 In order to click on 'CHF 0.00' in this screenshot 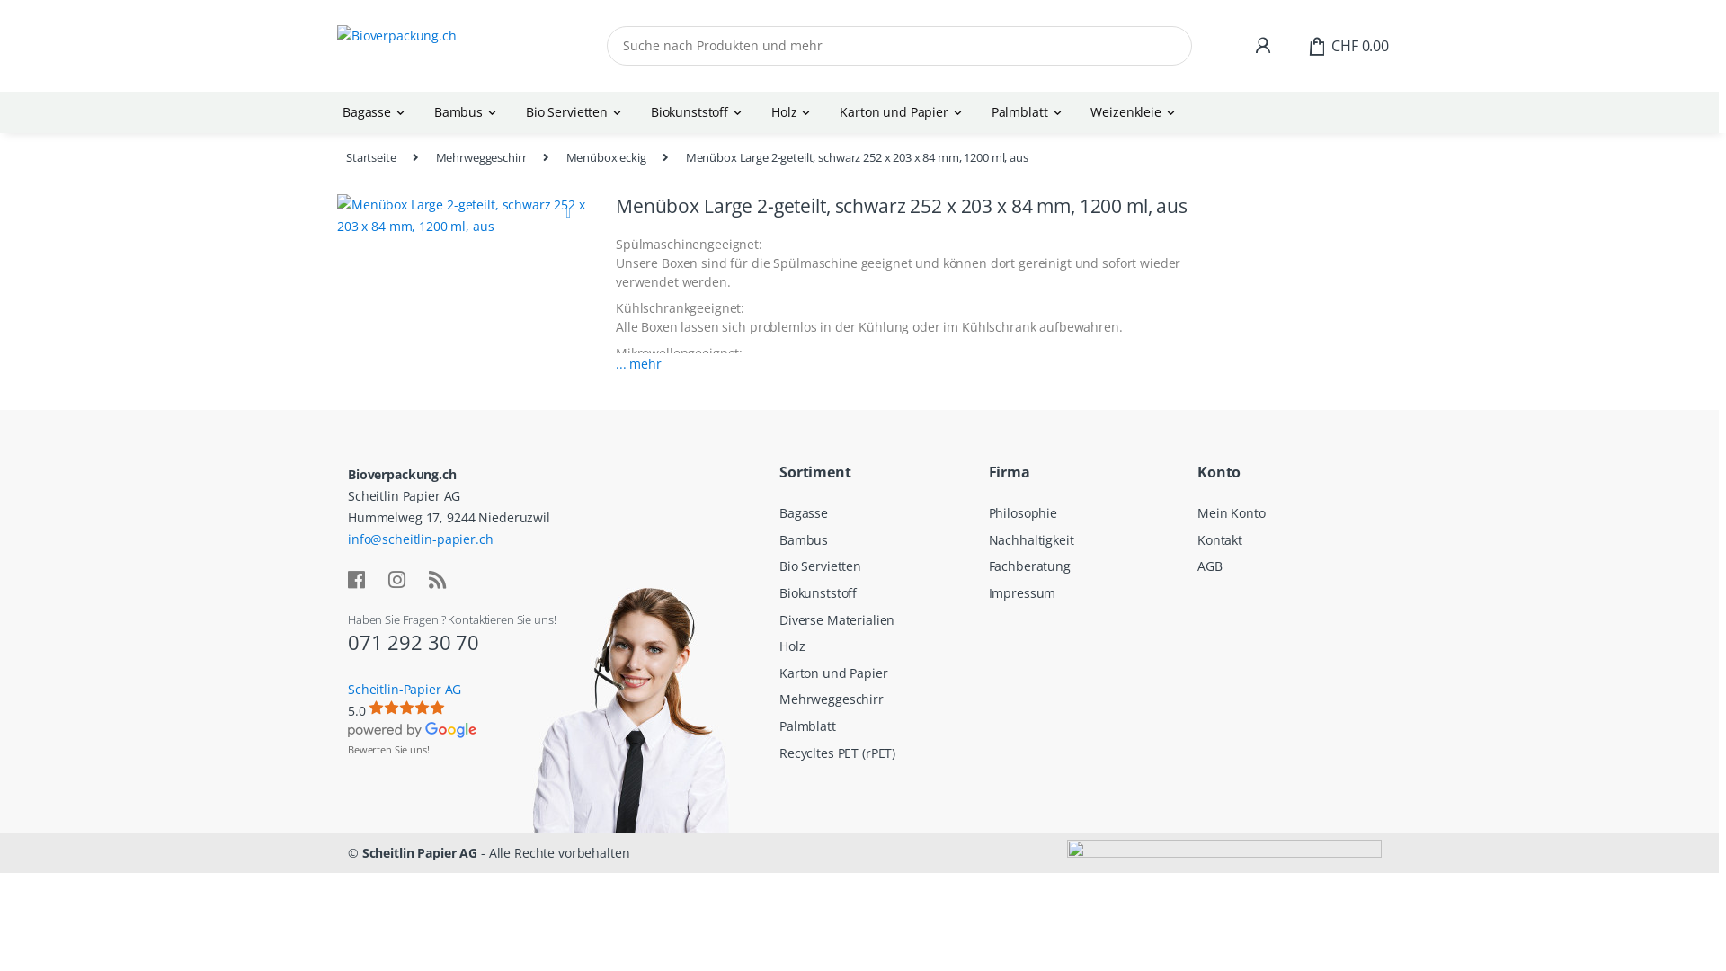, I will do `click(1307, 44)`.